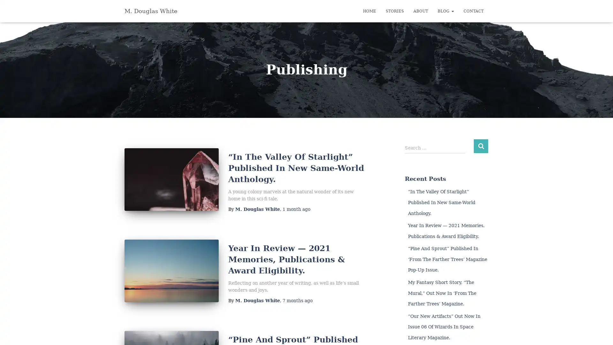 Image resolution: width=613 pixels, height=345 pixels. What do you see at coordinates (481, 146) in the screenshot?
I see `Search` at bounding box center [481, 146].